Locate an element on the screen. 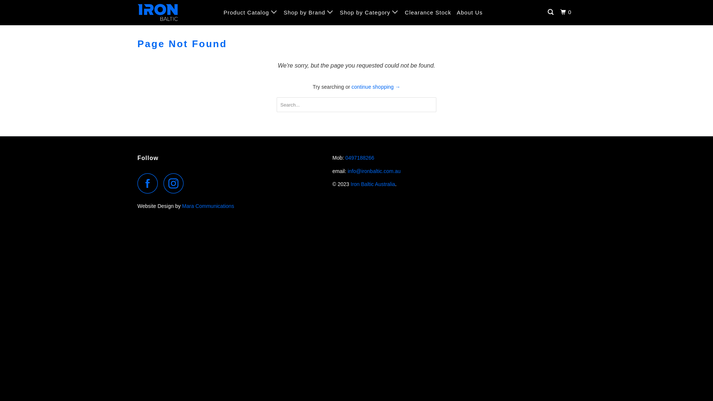 The image size is (713, 401). 'Shop by Category' is located at coordinates (369, 12).